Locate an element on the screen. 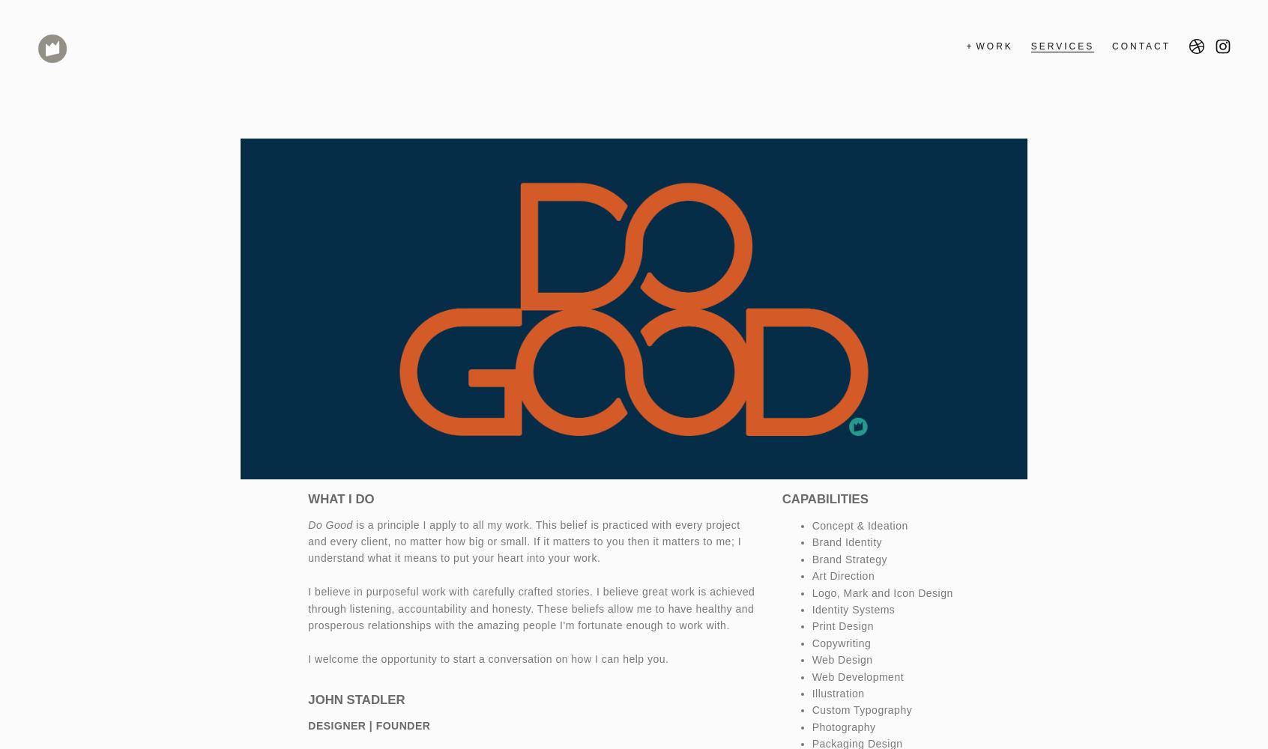 Image resolution: width=1268 pixels, height=749 pixels. 'I welcome the opportunity to start a conversation on how I can help you.' is located at coordinates (488, 658).